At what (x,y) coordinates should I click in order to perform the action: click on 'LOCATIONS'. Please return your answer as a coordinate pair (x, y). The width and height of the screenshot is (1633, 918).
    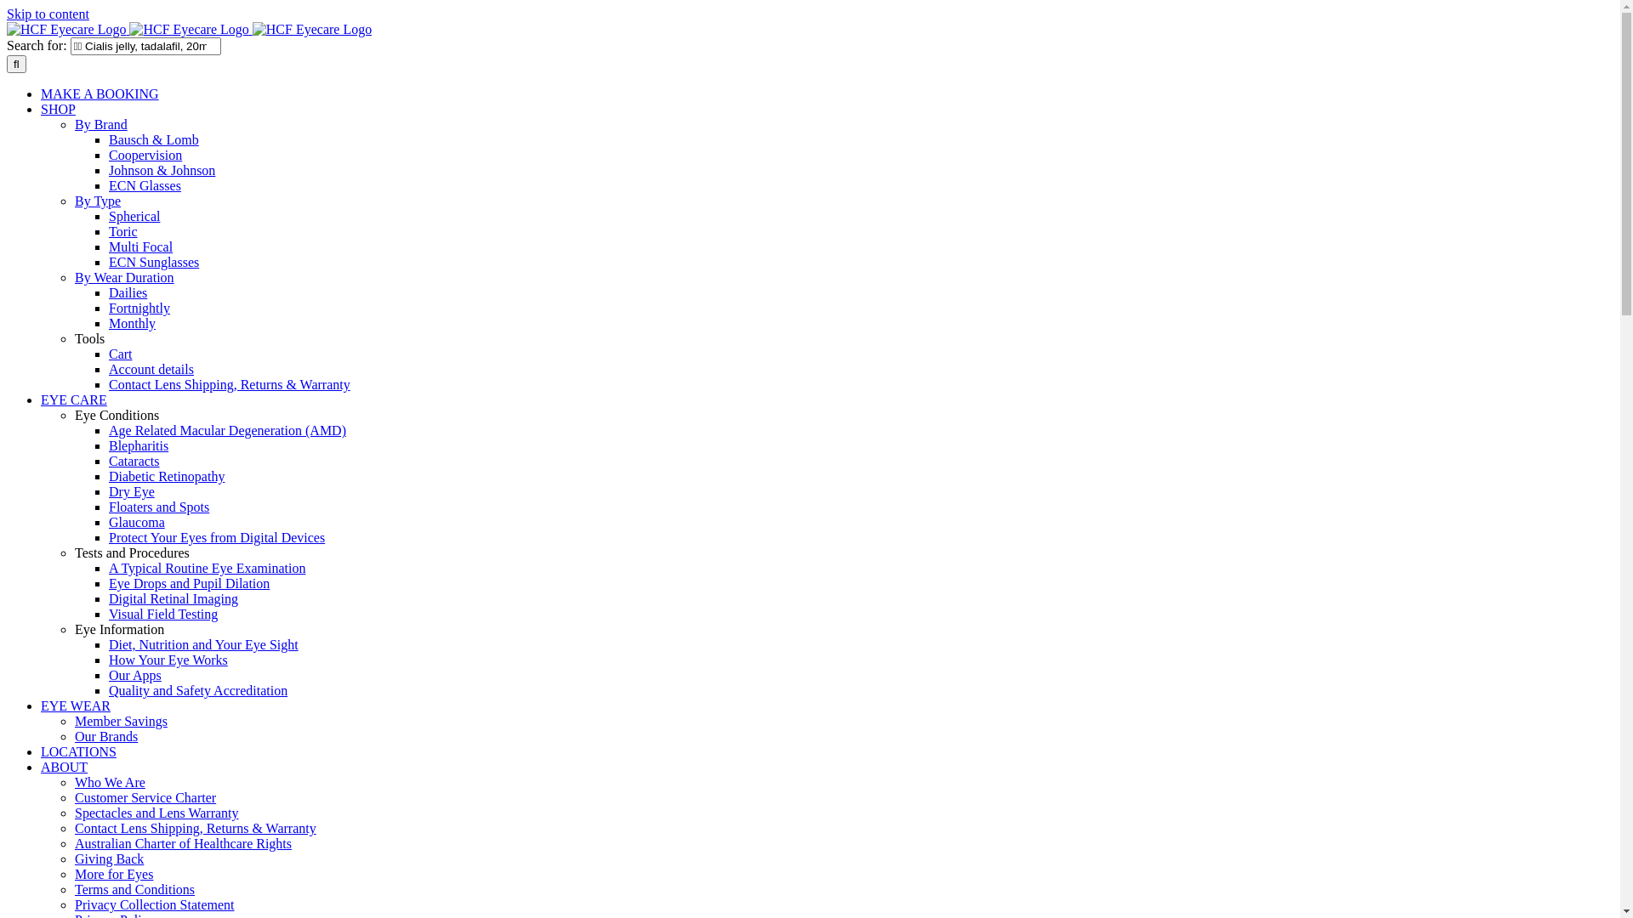
    Looking at the image, I should click on (77, 751).